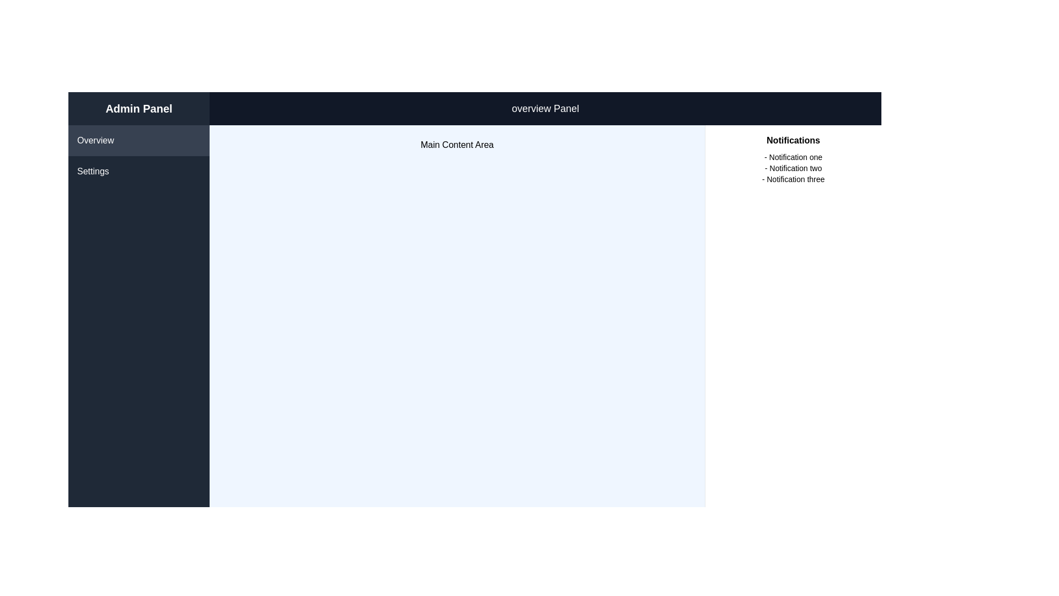 The width and height of the screenshot is (1059, 596). I want to click on the static text label indicating 'Admin Panel' located at the top of the sidebar on the left side of the interface, so click(138, 108).